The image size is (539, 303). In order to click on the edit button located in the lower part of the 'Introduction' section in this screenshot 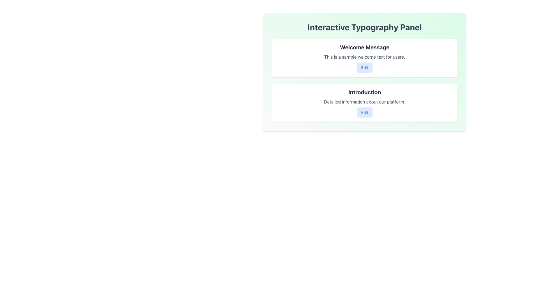, I will do `click(365, 113)`.